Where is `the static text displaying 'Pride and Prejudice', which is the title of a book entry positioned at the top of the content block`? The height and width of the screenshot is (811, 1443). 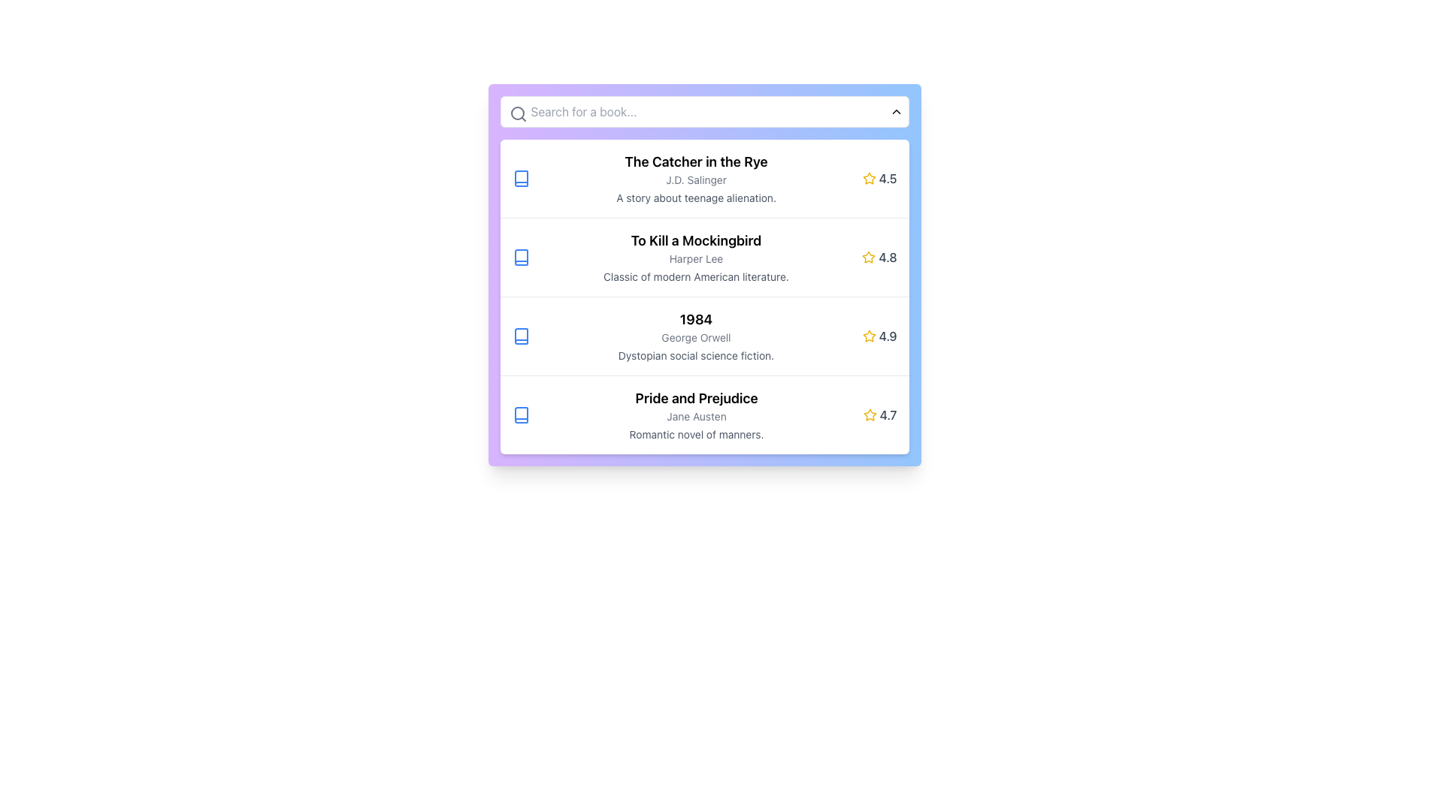 the static text displaying 'Pride and Prejudice', which is the title of a book entry positioned at the top of the content block is located at coordinates (695, 398).